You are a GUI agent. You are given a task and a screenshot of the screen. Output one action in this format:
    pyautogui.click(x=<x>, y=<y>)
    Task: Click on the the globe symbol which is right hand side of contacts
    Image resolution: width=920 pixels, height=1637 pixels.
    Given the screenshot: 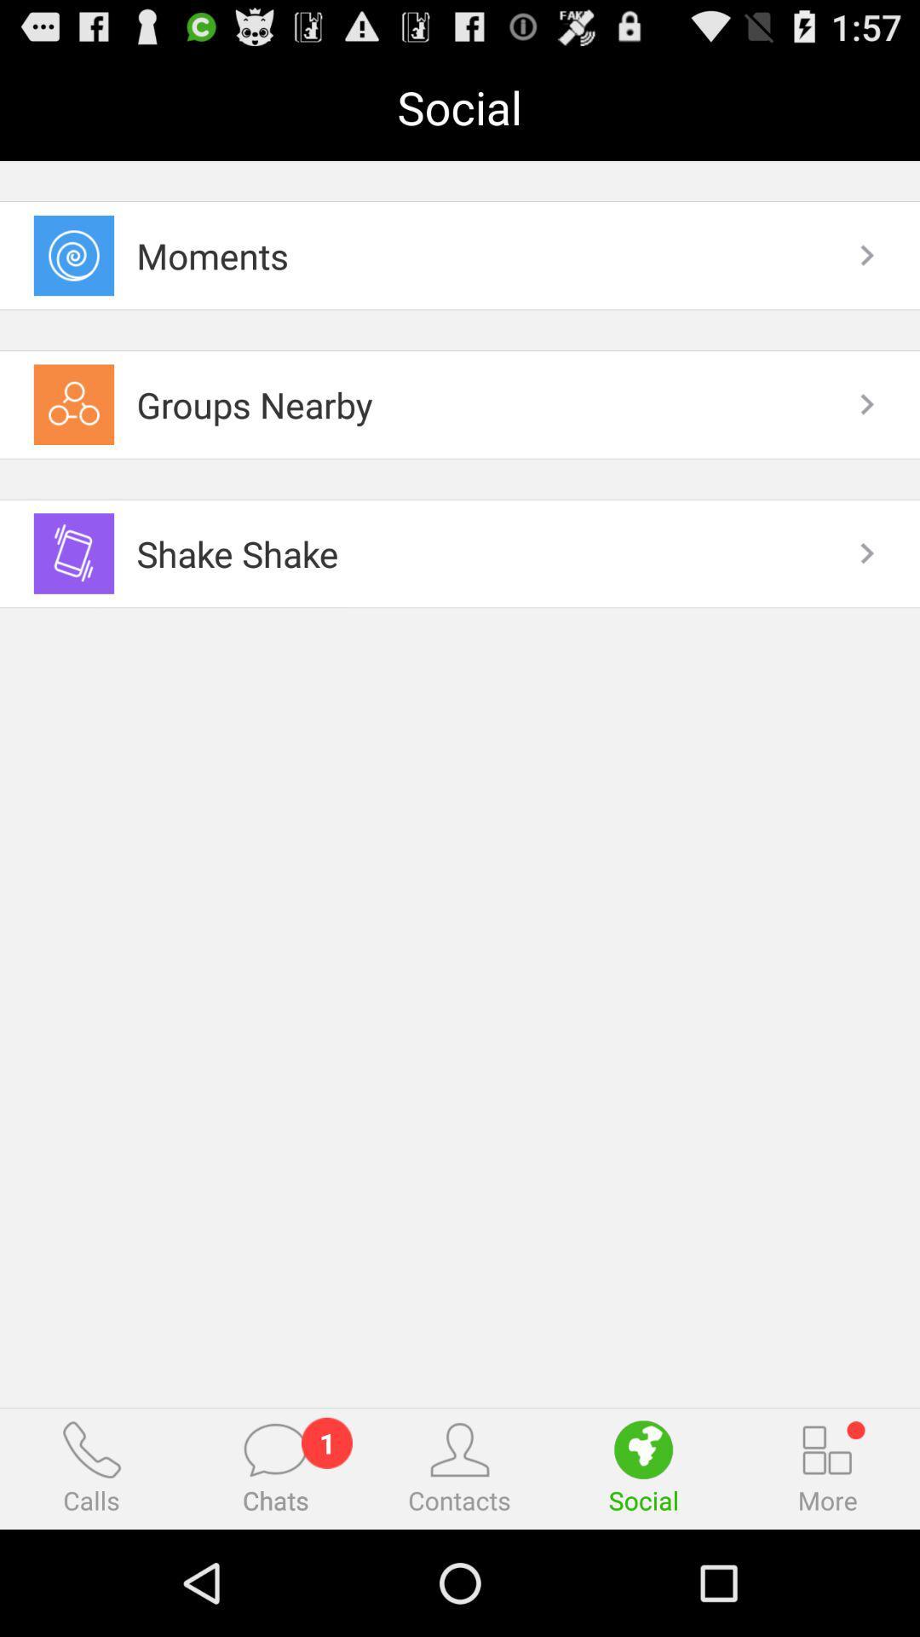 What is the action you would take?
    pyautogui.click(x=643, y=1449)
    